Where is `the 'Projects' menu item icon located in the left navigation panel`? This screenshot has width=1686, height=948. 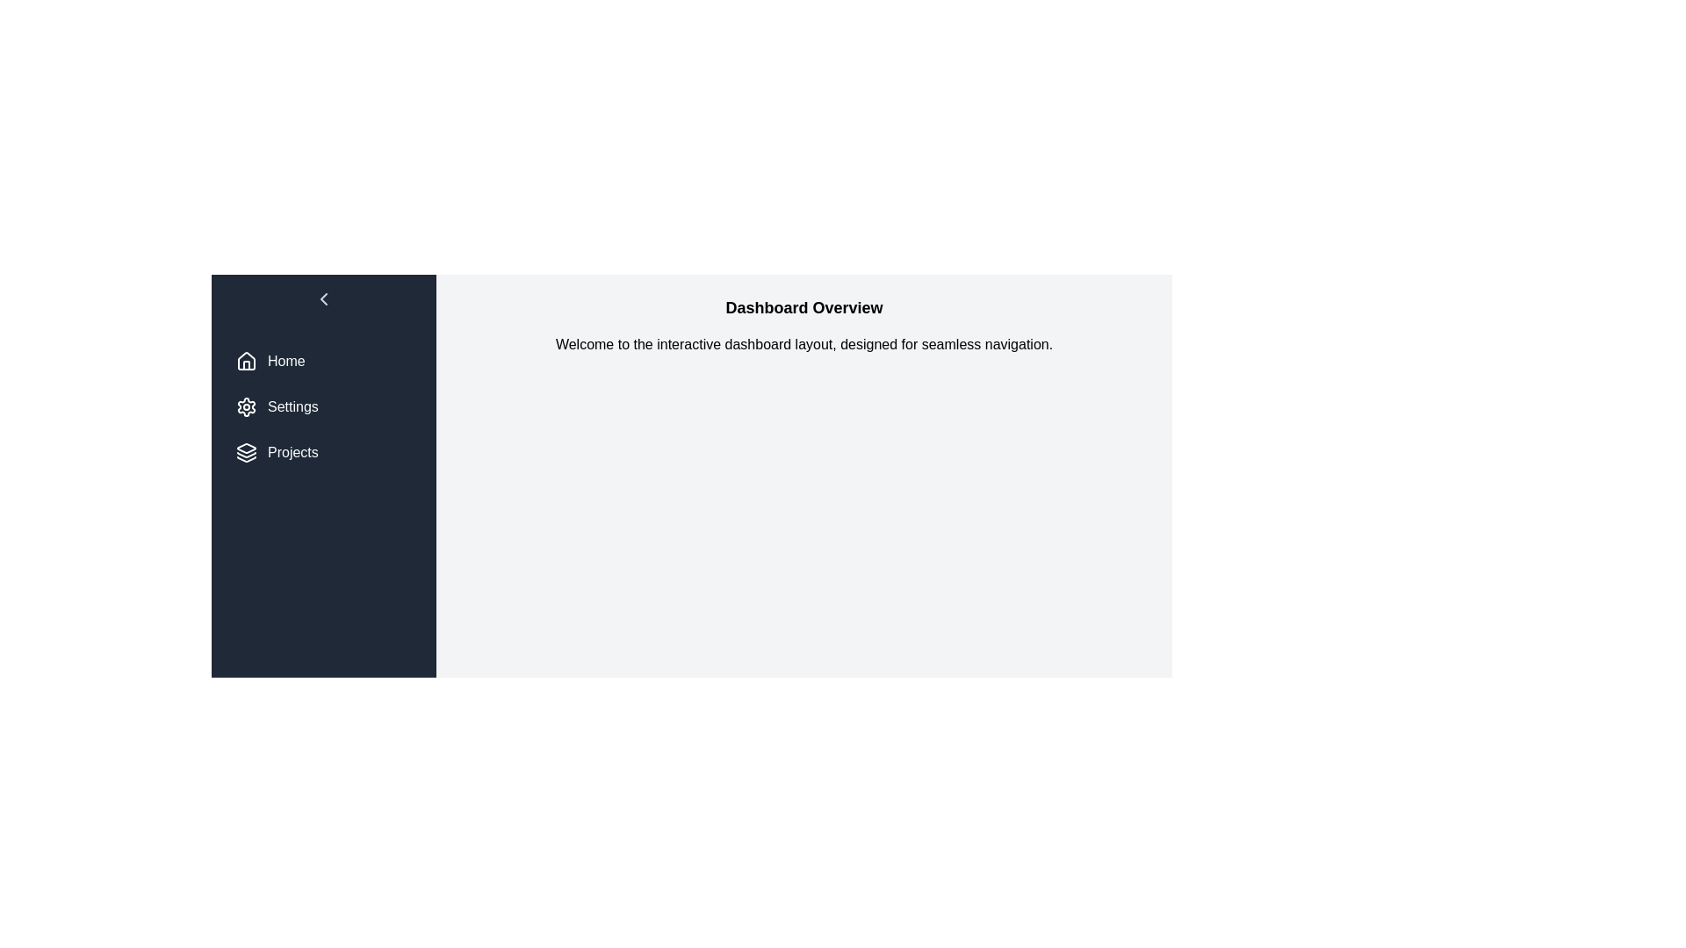 the 'Projects' menu item icon located in the left navigation panel is located at coordinates (246, 452).